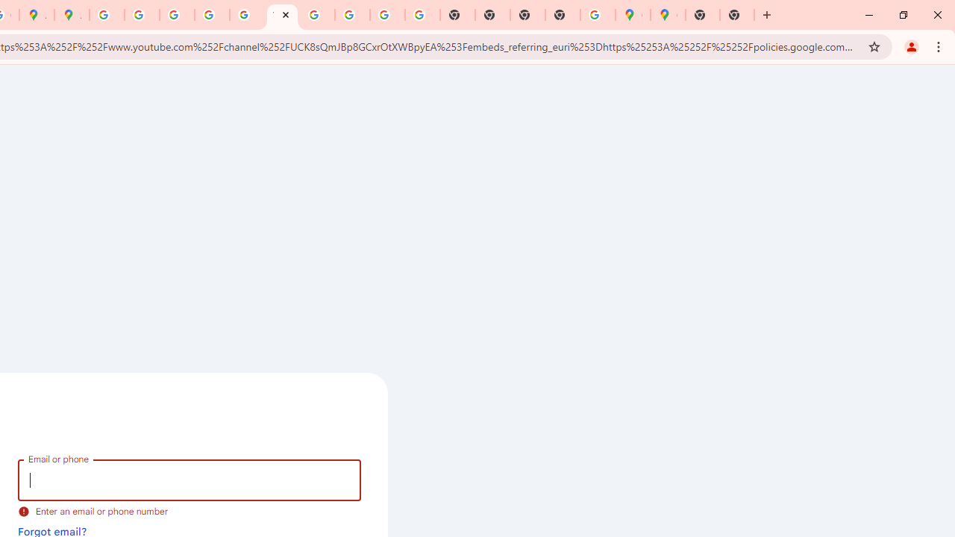  I want to click on 'Privacy Help Center - Policies Help', so click(142, 15).